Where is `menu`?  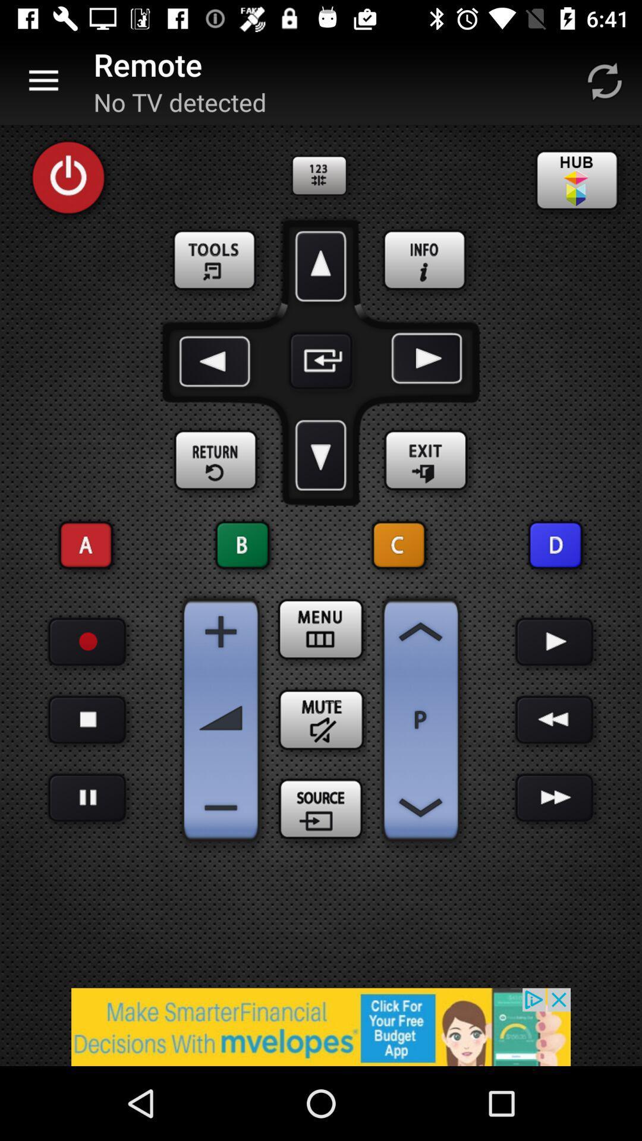
menu is located at coordinates (321, 629).